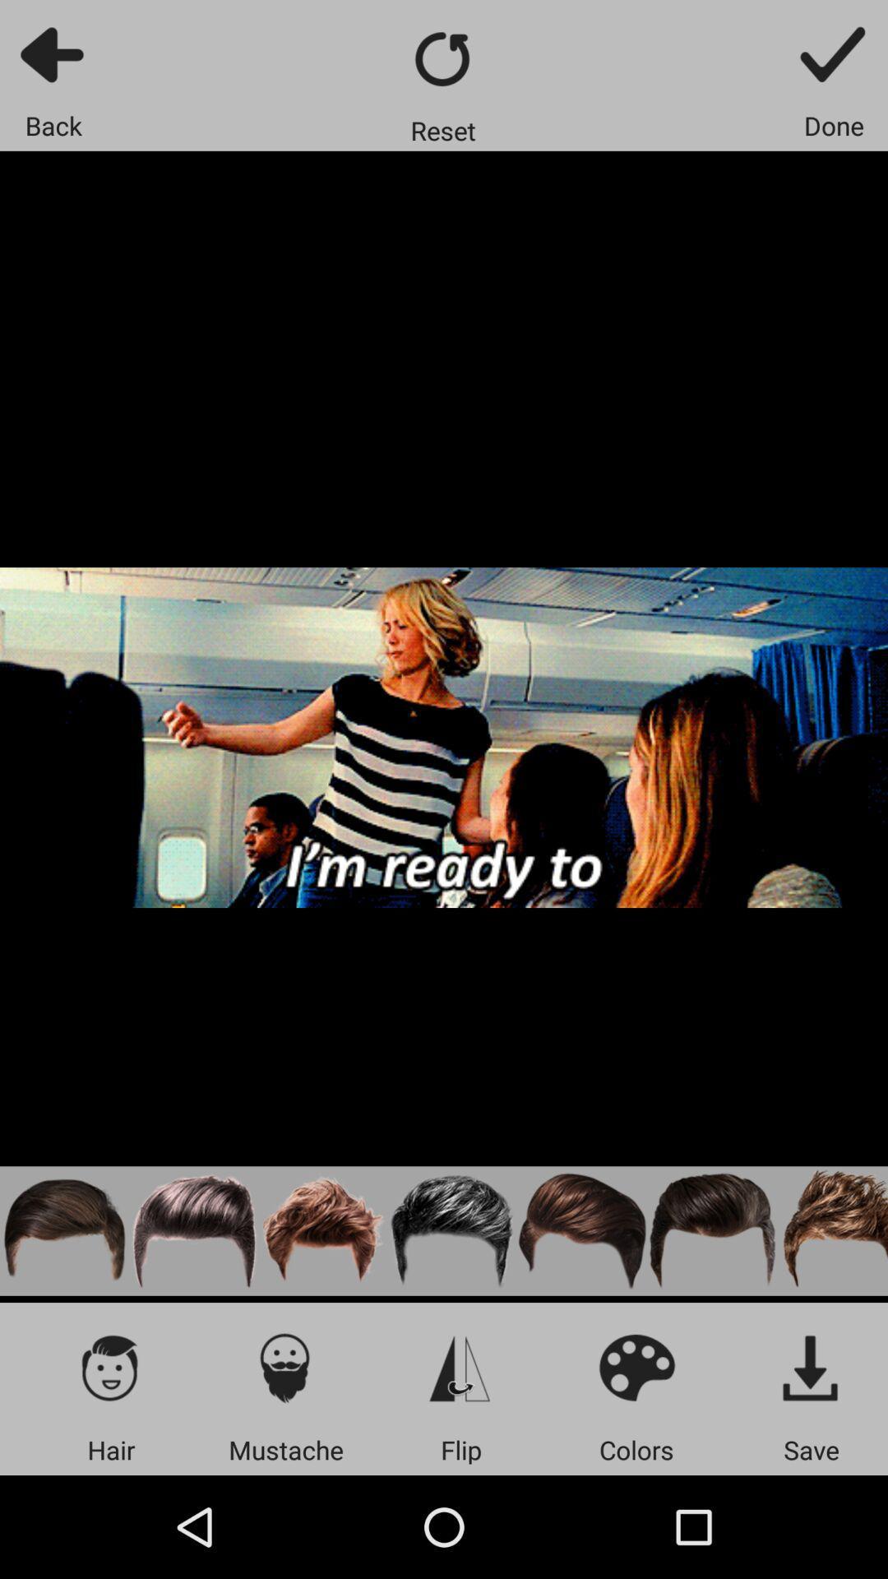 This screenshot has width=888, height=1579. Describe the element at coordinates (53, 53) in the screenshot. I see `previous` at that location.